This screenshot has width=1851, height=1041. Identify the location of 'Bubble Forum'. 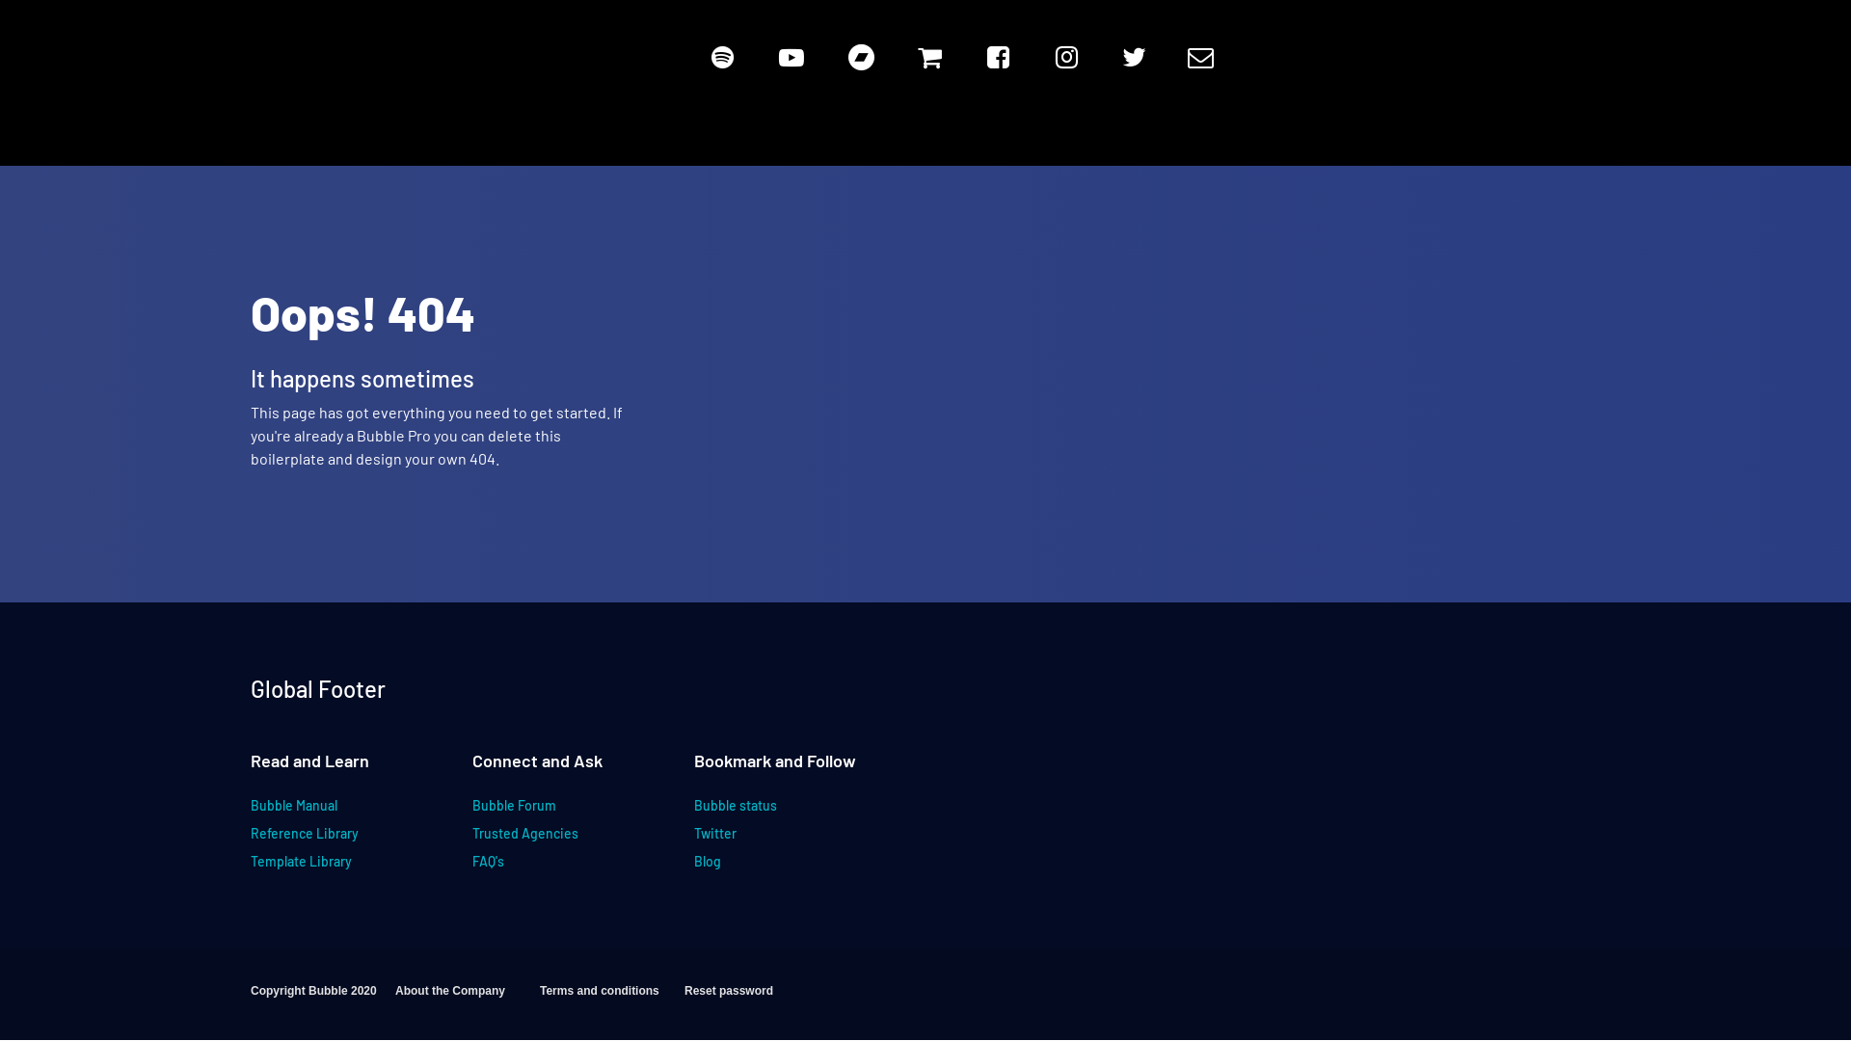
(544, 813).